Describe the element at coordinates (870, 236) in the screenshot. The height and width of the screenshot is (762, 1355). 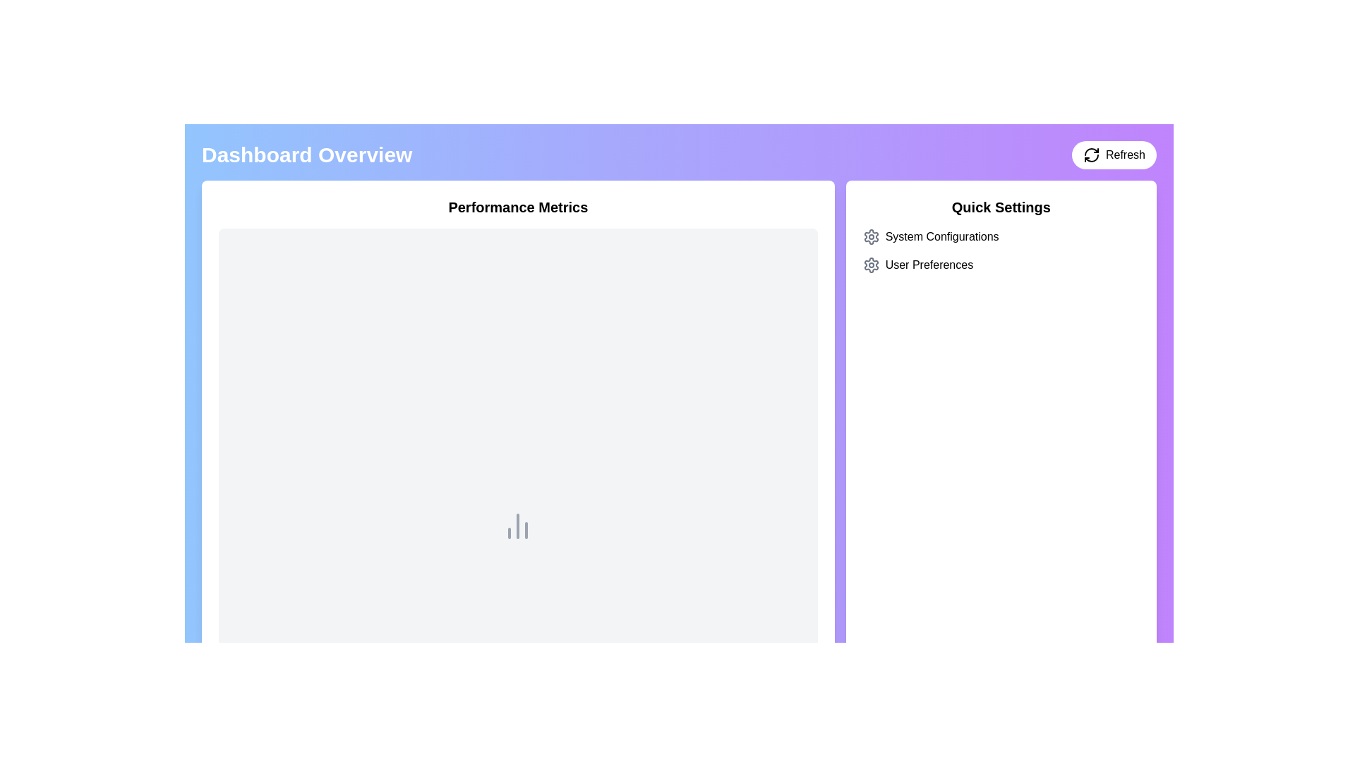
I see `the gear-shaped settings icon located` at that location.